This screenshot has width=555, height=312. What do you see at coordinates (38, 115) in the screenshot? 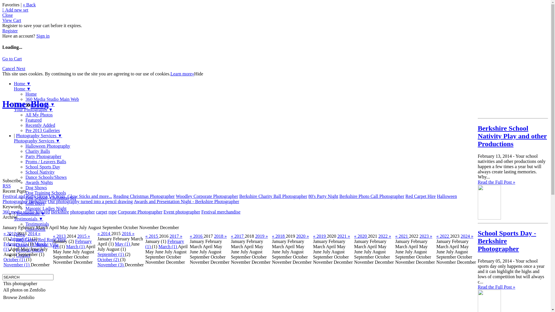
I see `'All My Photos'` at bounding box center [38, 115].